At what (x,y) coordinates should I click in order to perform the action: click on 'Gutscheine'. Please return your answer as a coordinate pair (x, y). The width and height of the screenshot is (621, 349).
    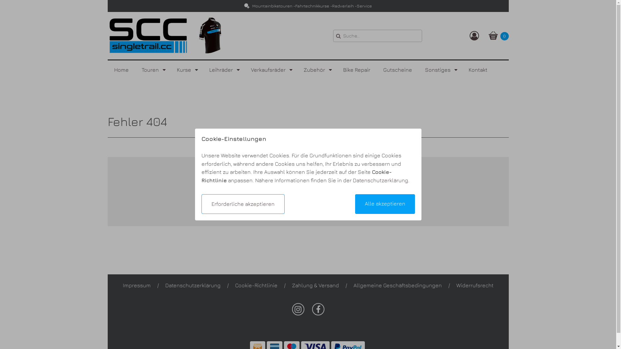
    Looking at the image, I should click on (397, 70).